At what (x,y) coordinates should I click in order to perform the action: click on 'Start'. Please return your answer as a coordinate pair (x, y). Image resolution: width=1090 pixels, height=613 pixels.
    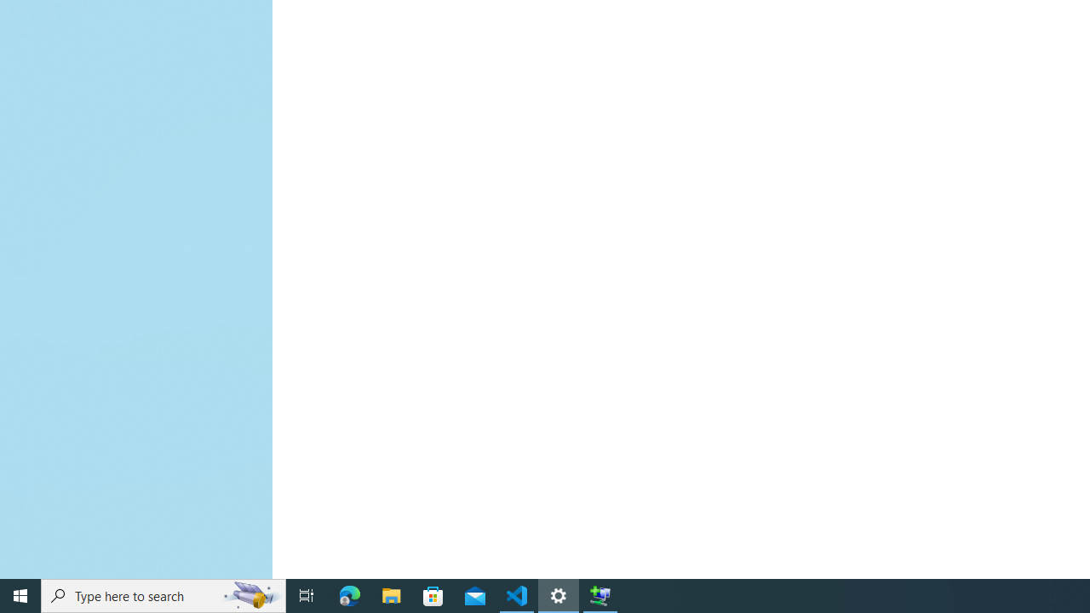
    Looking at the image, I should click on (20, 594).